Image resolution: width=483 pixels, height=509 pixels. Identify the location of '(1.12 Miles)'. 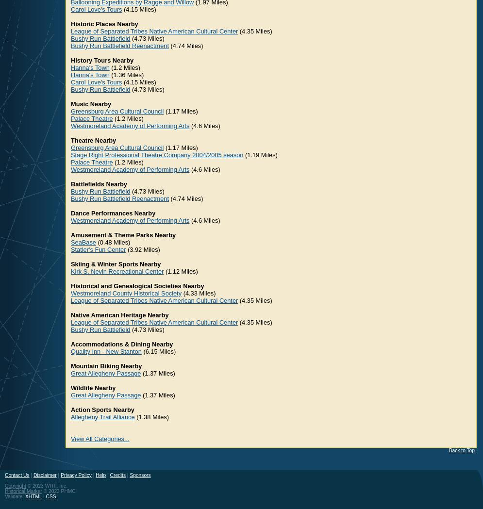
(180, 271).